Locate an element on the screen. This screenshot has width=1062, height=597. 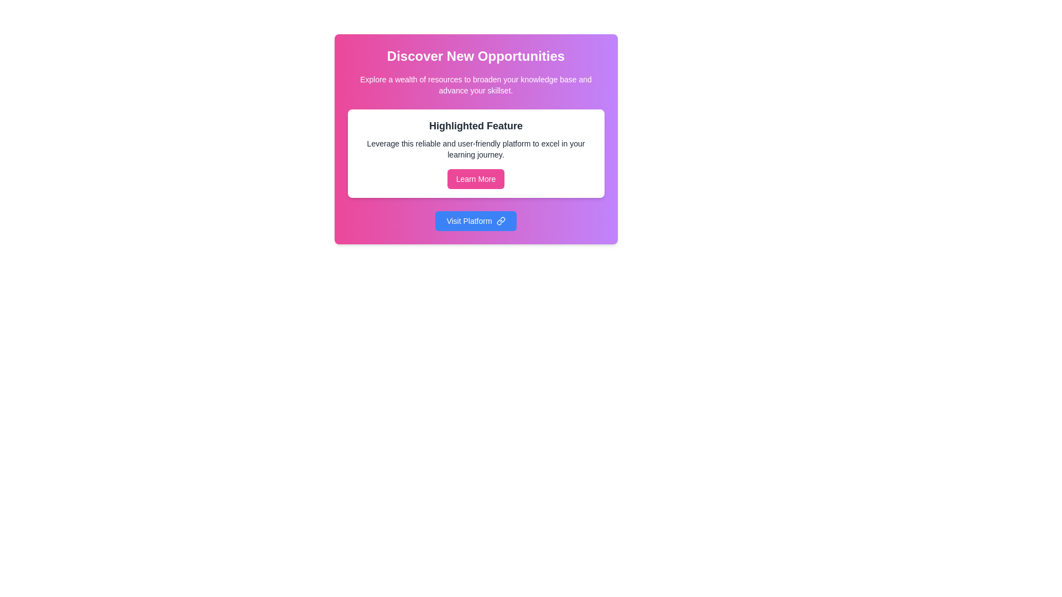
the SVG icon located on the right side of the 'Visit Platform' button at the bottom of the primary interface card is located at coordinates (500, 221).